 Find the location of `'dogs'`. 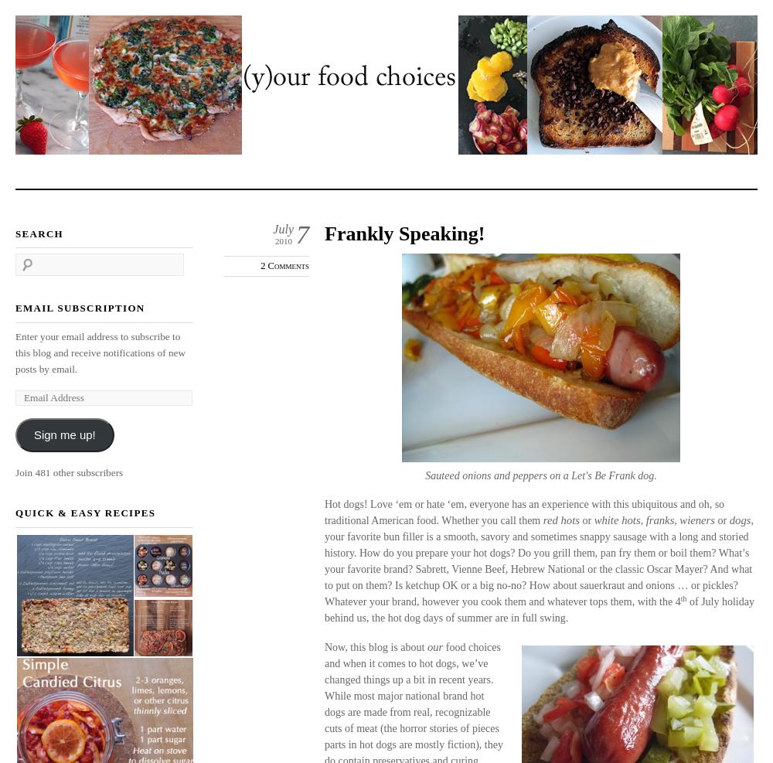

'dogs' is located at coordinates (728, 519).